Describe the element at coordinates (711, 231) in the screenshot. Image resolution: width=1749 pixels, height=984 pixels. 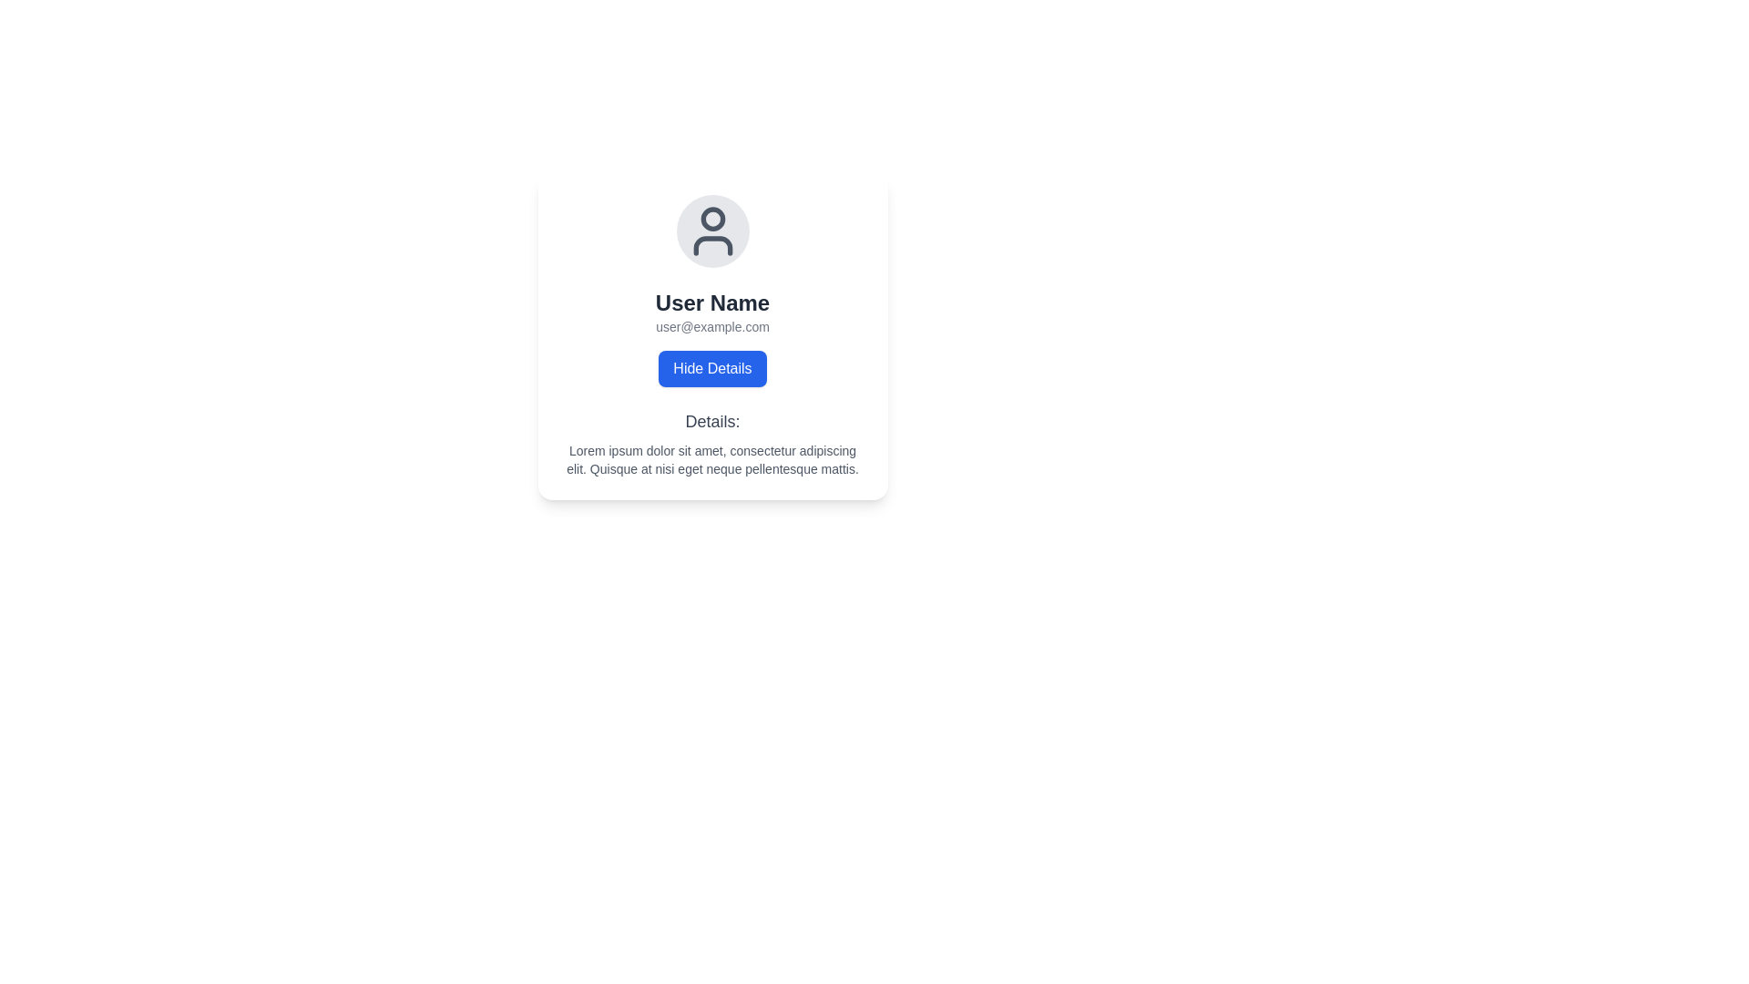
I see `the user profile` at that location.